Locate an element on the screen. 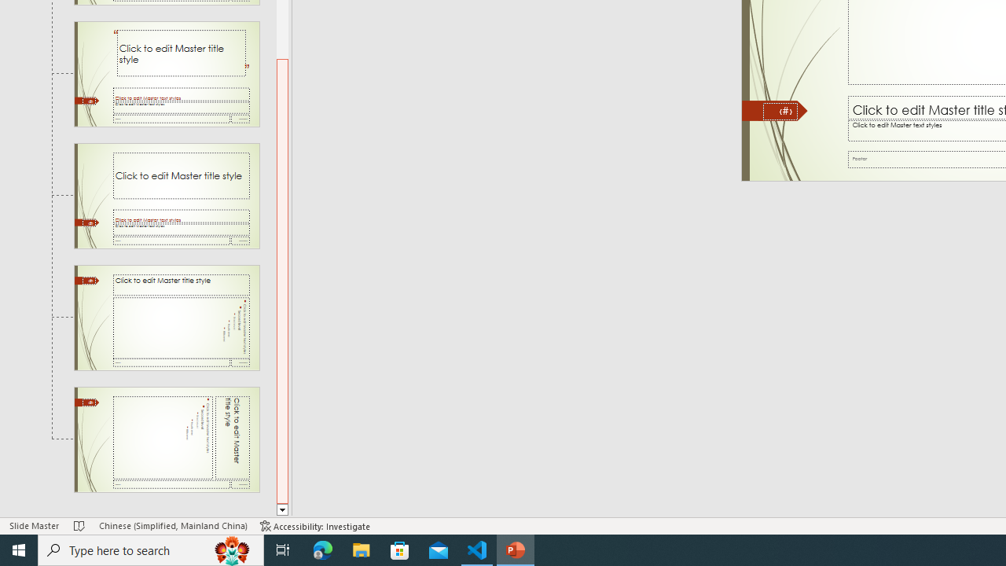 Image resolution: width=1006 pixels, height=566 pixels. 'Freeform 11' is located at coordinates (775, 110).